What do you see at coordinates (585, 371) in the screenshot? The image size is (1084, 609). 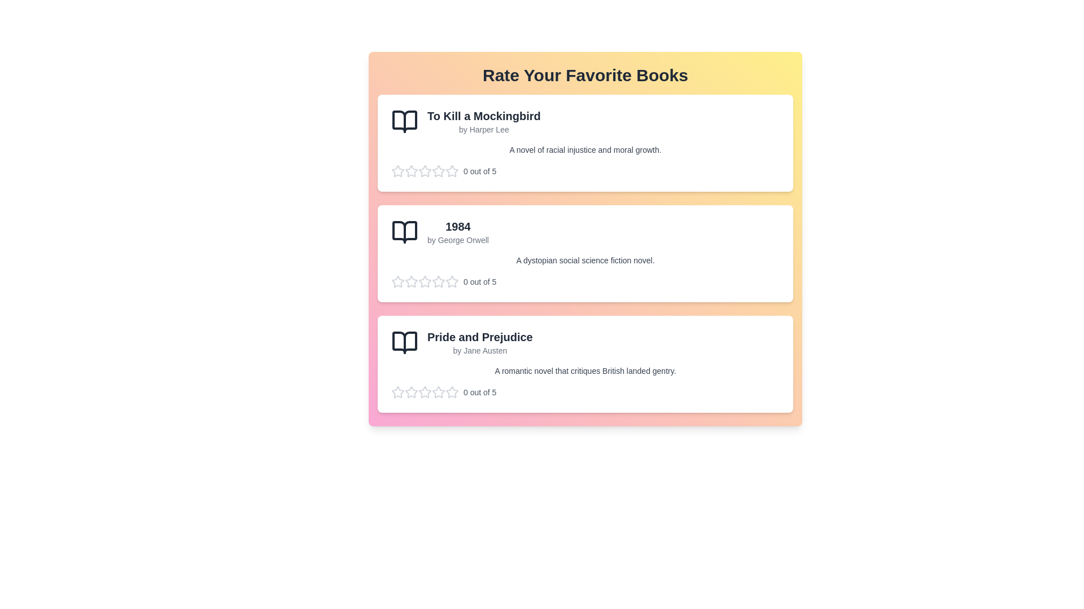 I see `the text block providing additional descriptive information about the book 'Pride and Prejudice', located below the title and author name within the third card element` at bounding box center [585, 371].